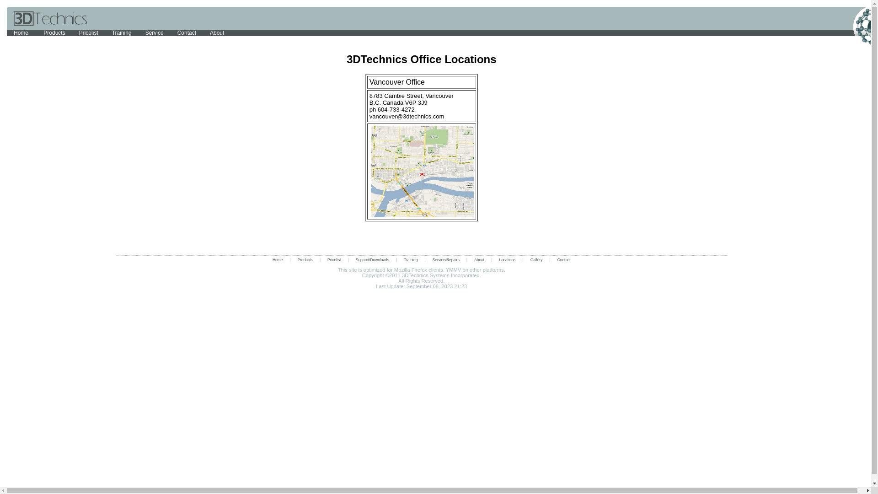 This screenshot has height=494, width=878. Describe the element at coordinates (563, 259) in the screenshot. I see `'Contact'` at that location.